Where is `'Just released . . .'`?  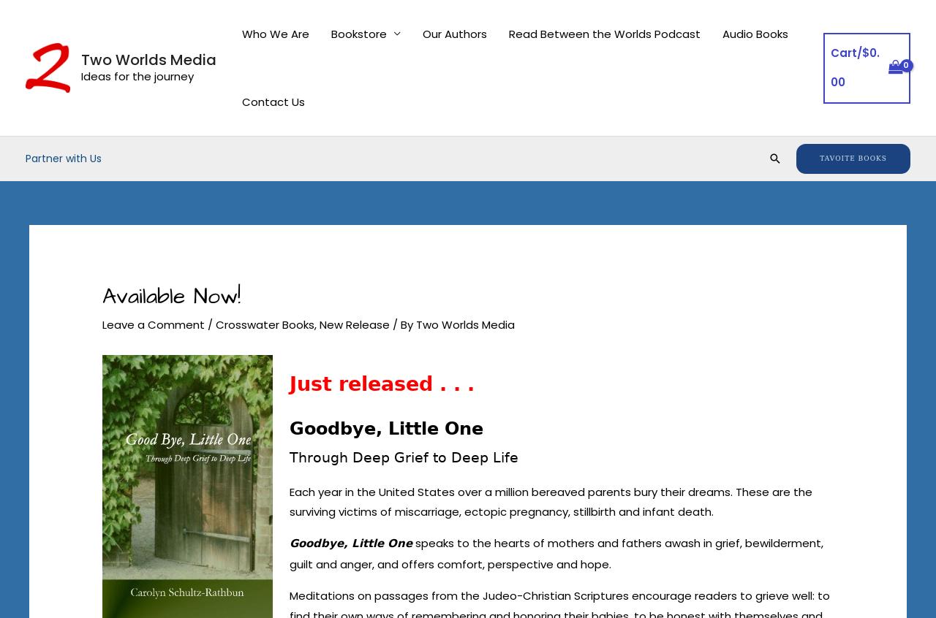 'Just released . . .' is located at coordinates (381, 383).